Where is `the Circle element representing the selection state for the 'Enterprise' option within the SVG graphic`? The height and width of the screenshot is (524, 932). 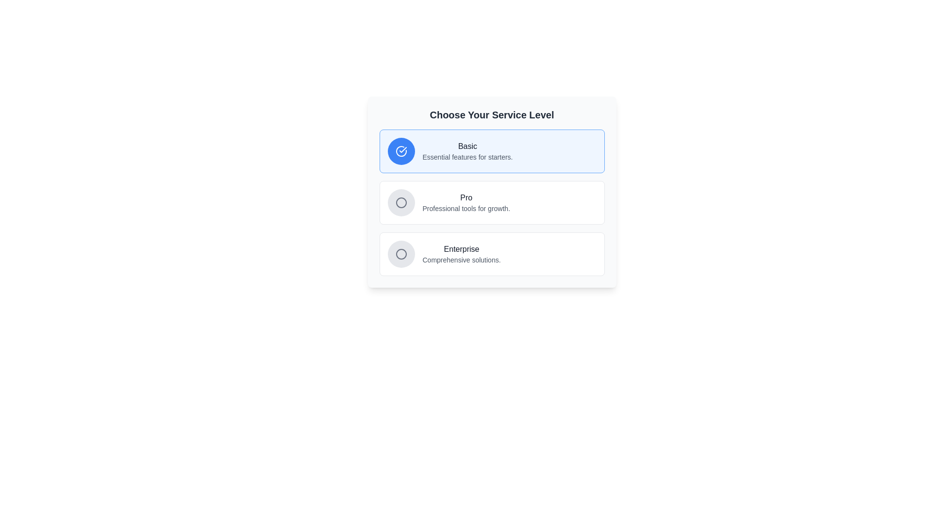 the Circle element representing the selection state for the 'Enterprise' option within the SVG graphic is located at coordinates (401, 202).